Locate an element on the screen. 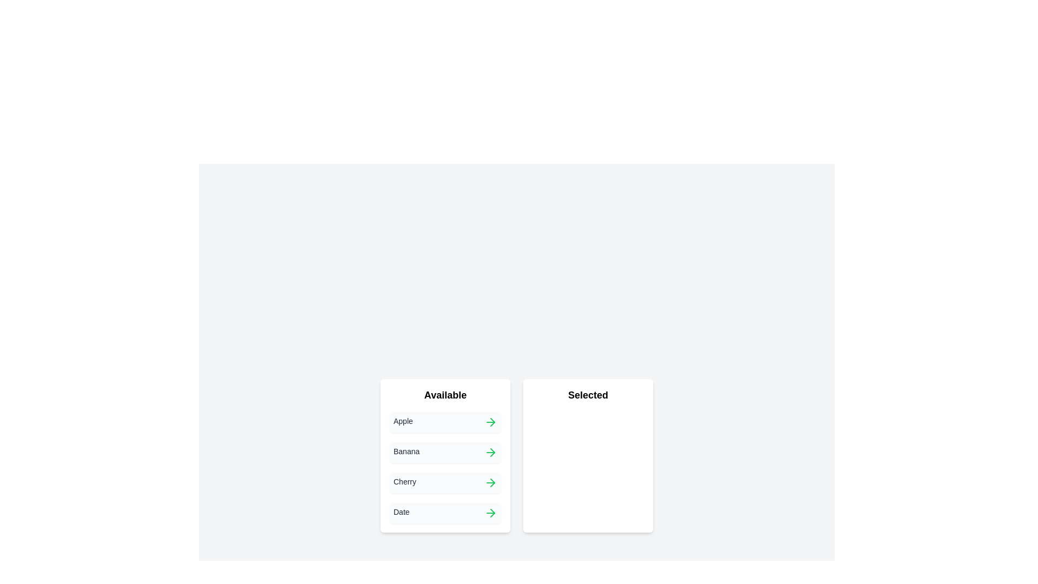 The image size is (1038, 584). the green arrow button next to the item 'Banana' in the 'Available' list to transfer it to the 'Selected' list is located at coordinates (490, 453).